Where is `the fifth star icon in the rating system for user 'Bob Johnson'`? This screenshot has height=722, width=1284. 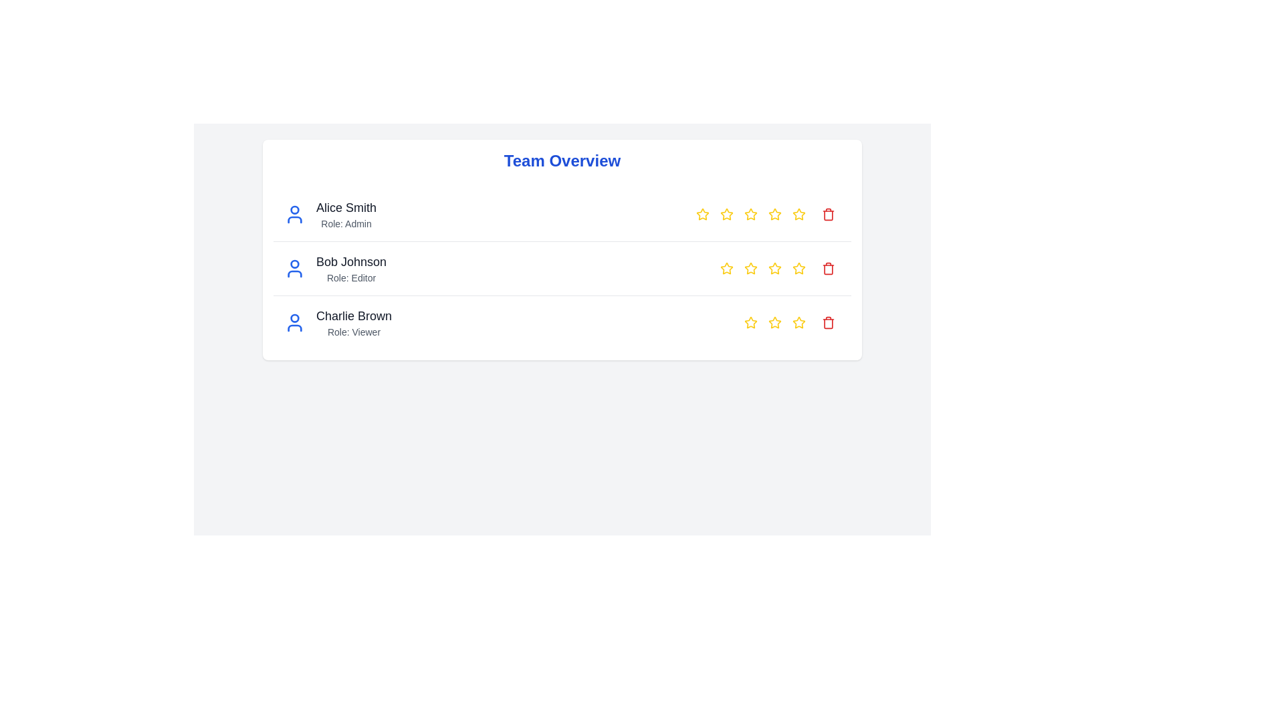 the fifth star icon in the rating system for user 'Bob Johnson' is located at coordinates (799, 213).